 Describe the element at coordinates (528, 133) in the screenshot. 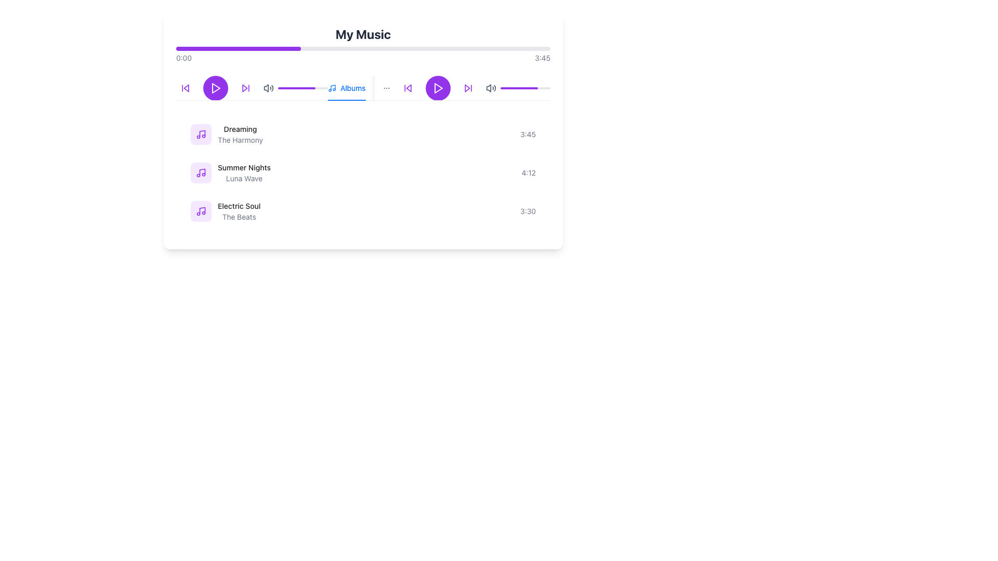

I see `the static text display showing '3:45' in gray font, located at the far-right end of the row for the song 'Dreaming' by 'The Harmony'` at that location.